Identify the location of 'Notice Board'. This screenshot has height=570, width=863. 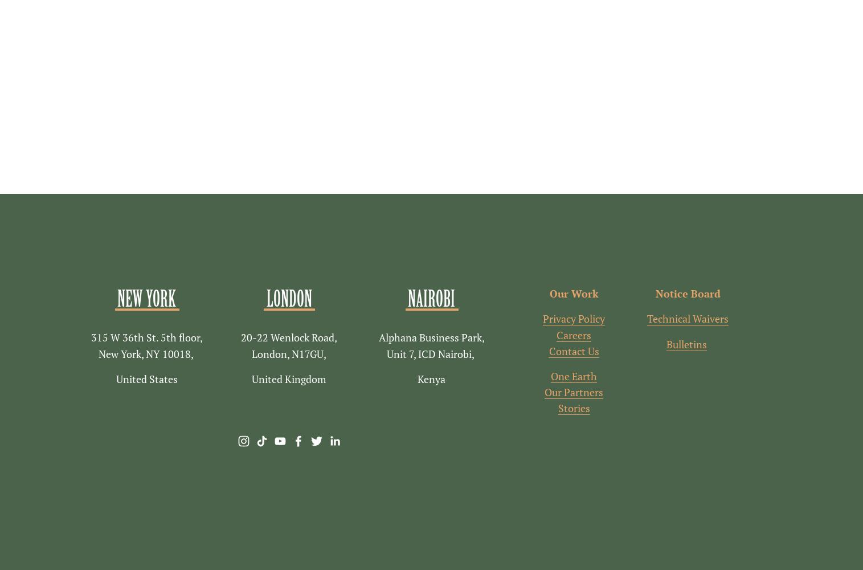
(687, 294).